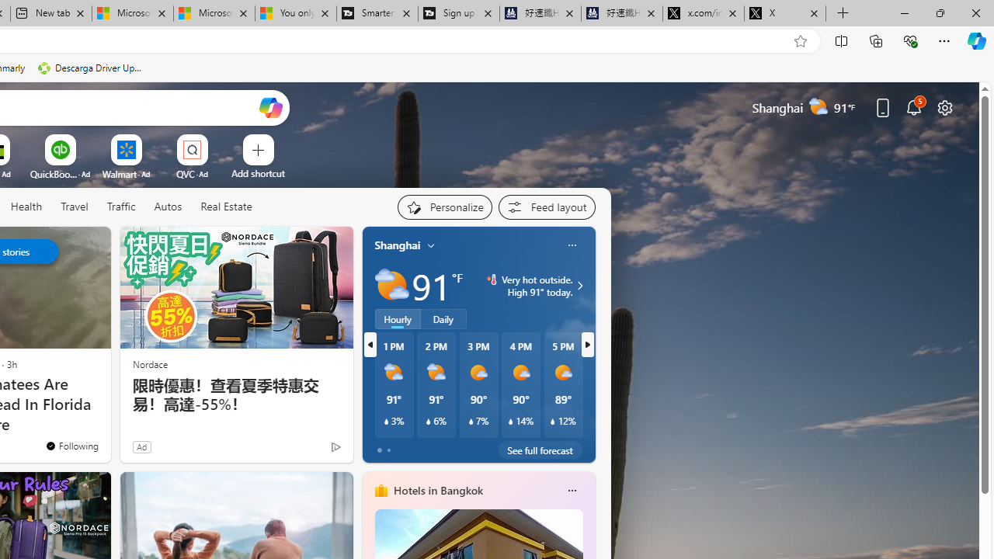  Describe the element at coordinates (571, 491) in the screenshot. I see `'Class: icon-img'` at that location.